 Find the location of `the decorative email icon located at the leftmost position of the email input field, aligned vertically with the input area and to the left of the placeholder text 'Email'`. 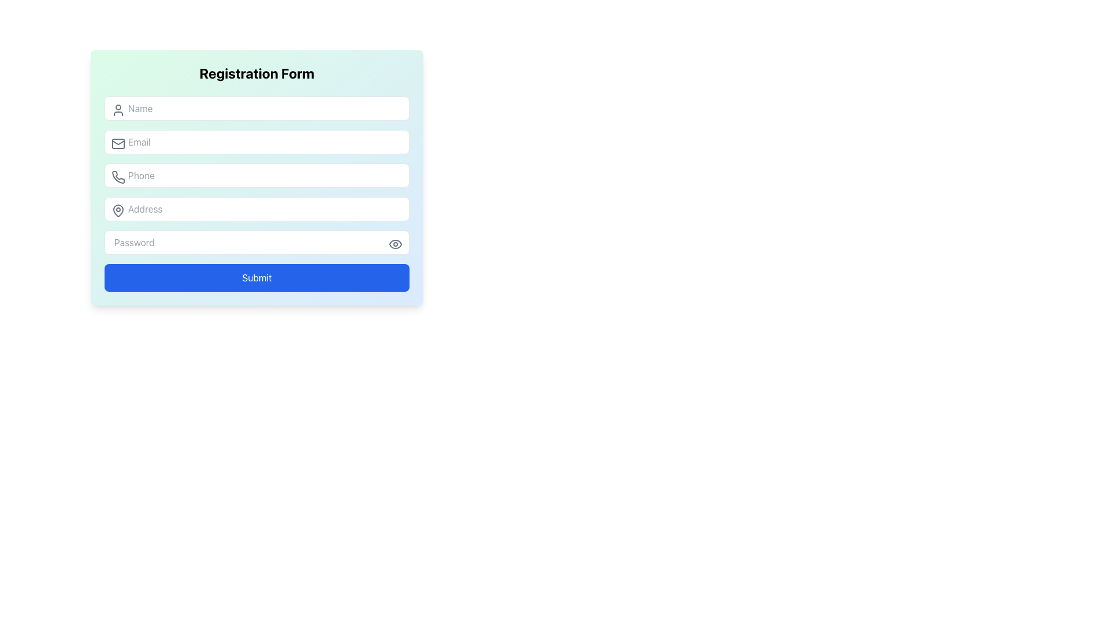

the decorative email icon located at the leftmost position of the email input field, aligned vertically with the input area and to the left of the placeholder text 'Email' is located at coordinates (118, 143).